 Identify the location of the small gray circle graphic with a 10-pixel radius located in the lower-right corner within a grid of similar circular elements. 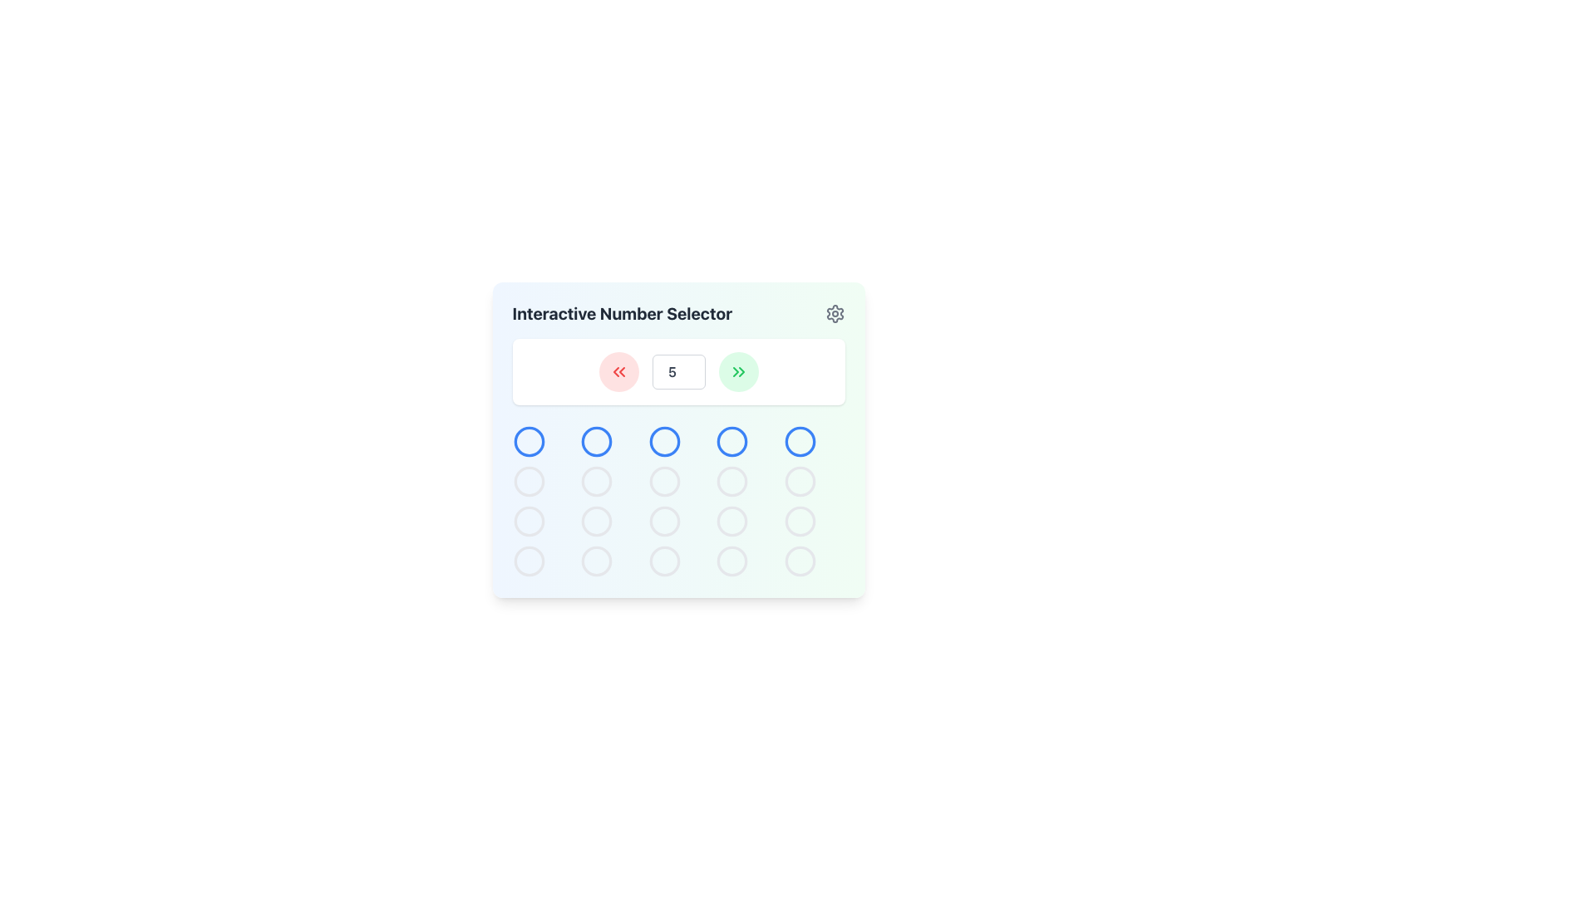
(800, 561).